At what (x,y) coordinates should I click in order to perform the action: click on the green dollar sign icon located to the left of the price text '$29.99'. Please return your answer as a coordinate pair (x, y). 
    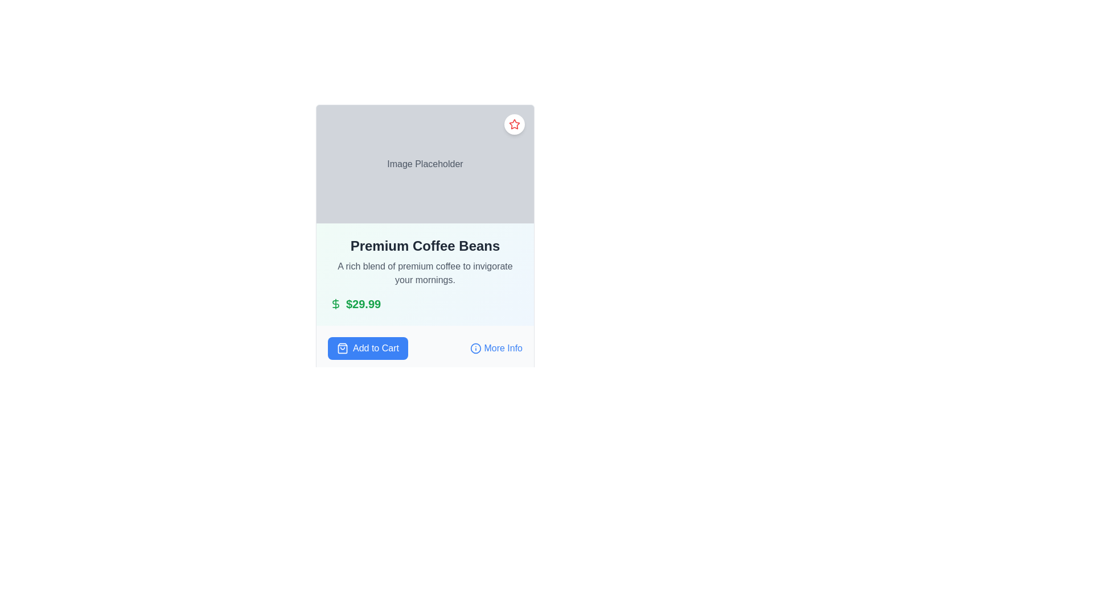
    Looking at the image, I should click on (335, 304).